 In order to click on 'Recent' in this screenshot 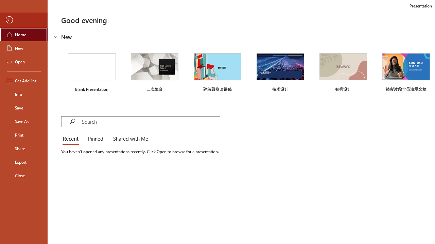, I will do `click(72, 139)`.